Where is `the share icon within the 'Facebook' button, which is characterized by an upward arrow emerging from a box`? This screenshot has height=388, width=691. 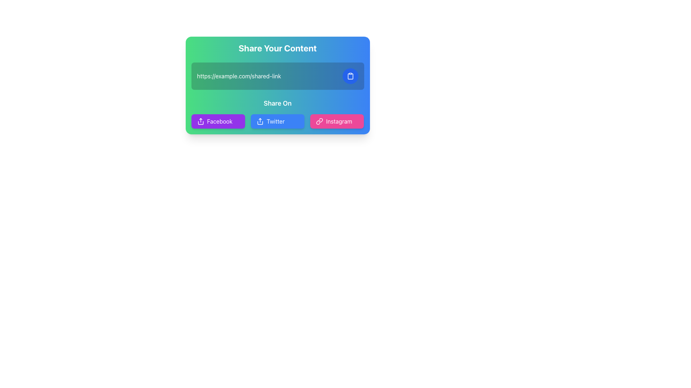
the share icon within the 'Facebook' button, which is characterized by an upward arrow emerging from a box is located at coordinates (200, 121).